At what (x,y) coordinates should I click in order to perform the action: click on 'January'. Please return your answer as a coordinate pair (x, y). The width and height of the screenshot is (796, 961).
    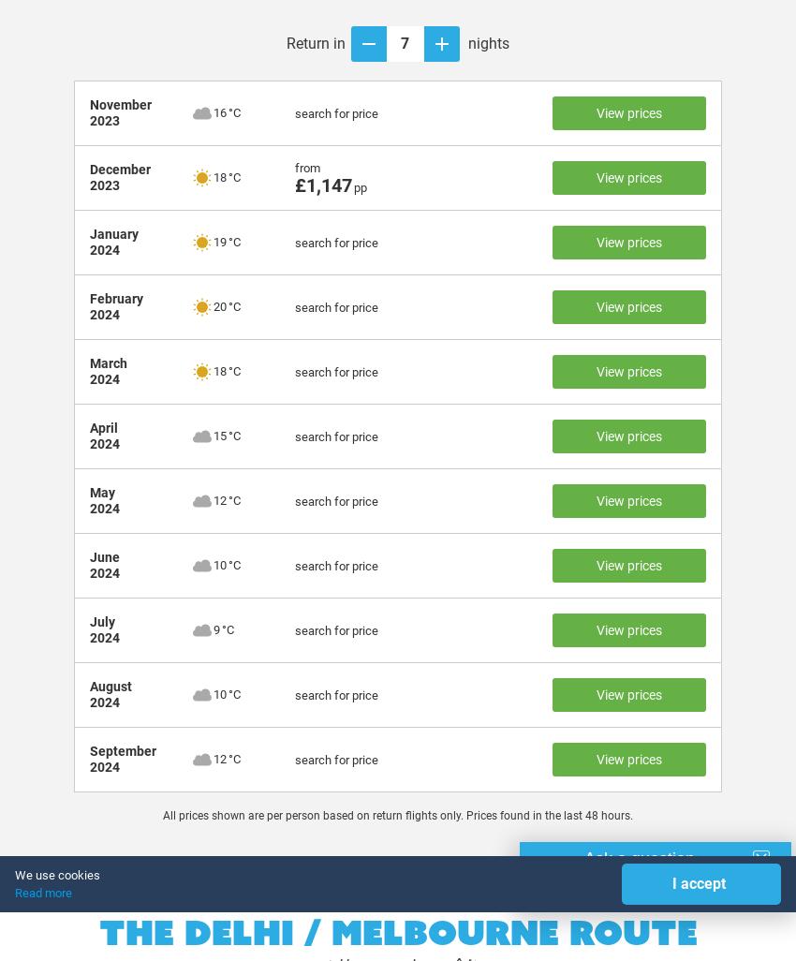
    Looking at the image, I should click on (112, 234).